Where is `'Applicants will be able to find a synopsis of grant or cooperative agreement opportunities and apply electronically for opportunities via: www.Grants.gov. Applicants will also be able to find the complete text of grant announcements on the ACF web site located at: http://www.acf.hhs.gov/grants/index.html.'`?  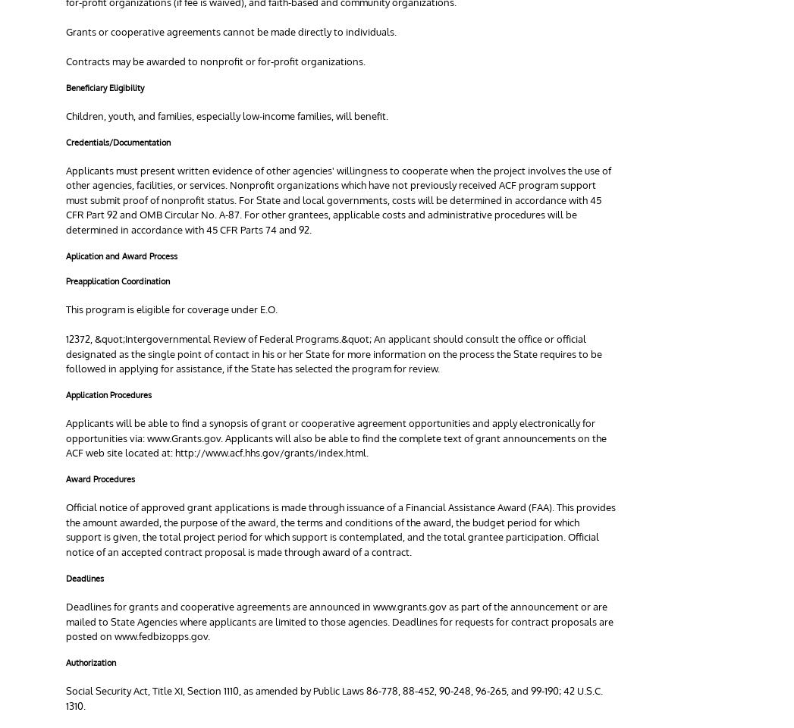
'Applicants will be able to find a synopsis of grant or cooperative agreement opportunities and apply electronically for opportunities via: www.Grants.gov. Applicants will also be able to find the complete text of grant announcements on the ACF web site located at: http://www.acf.hhs.gov/grants/index.html.' is located at coordinates (336, 438).